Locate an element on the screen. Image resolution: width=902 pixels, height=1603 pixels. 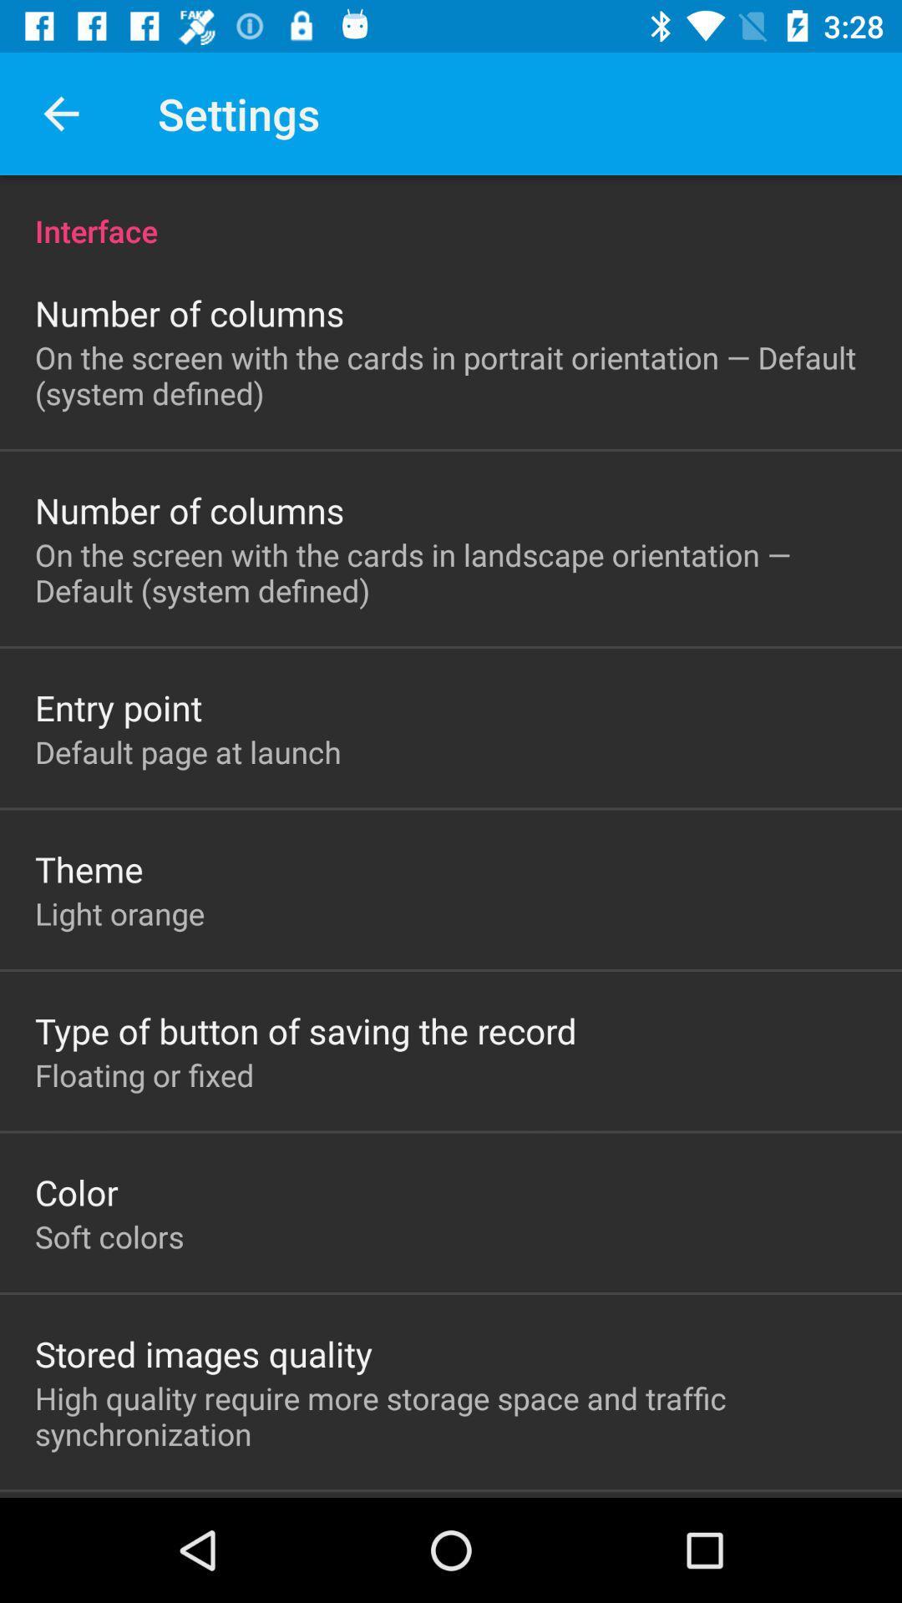
item above number of columns item is located at coordinates (451, 212).